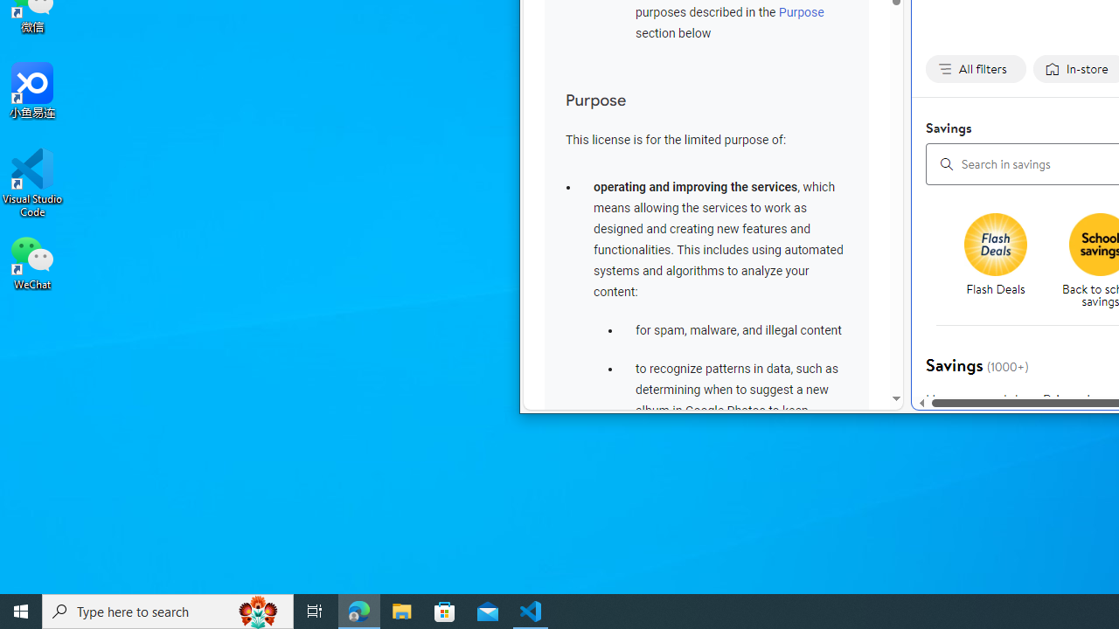 This screenshot has height=629, width=1119. Describe the element at coordinates (975, 68) in the screenshot. I see `'All filters none applied, activate to change'` at that location.